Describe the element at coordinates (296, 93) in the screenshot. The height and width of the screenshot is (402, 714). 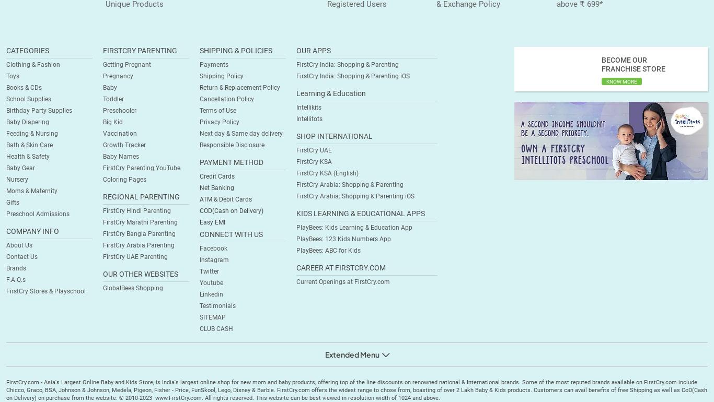
I see `'Learning & Education'` at that location.